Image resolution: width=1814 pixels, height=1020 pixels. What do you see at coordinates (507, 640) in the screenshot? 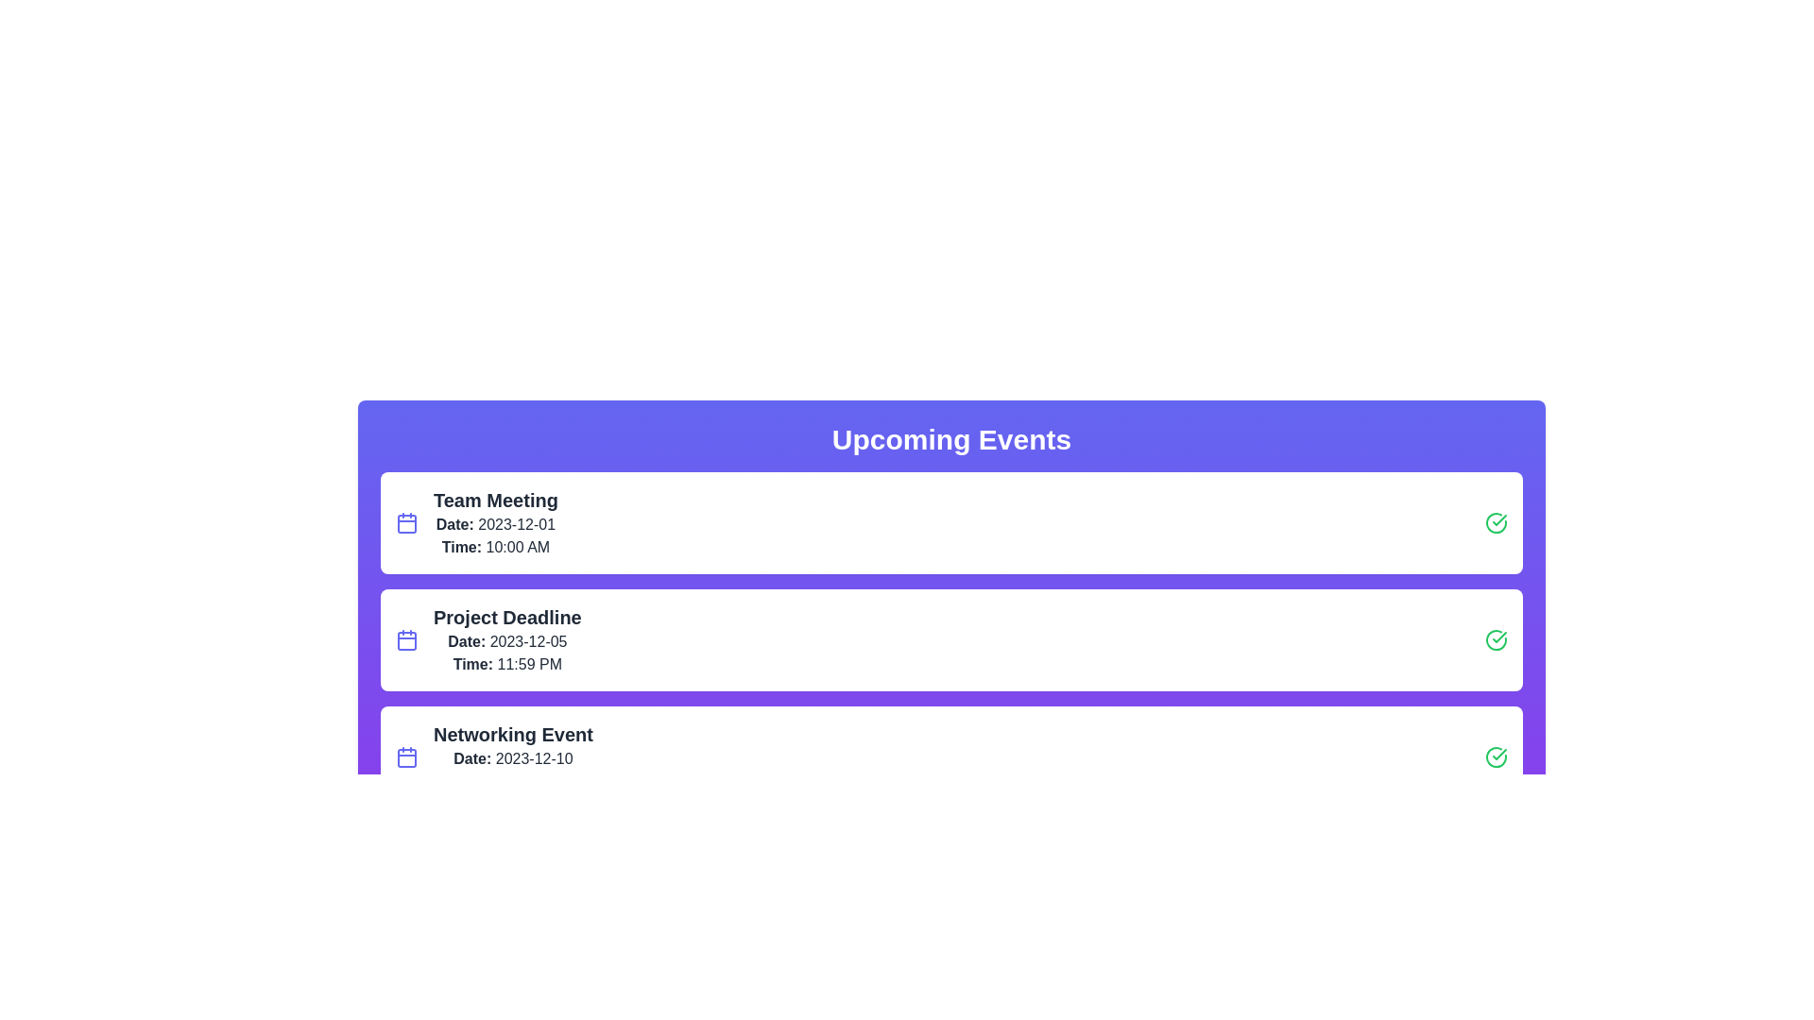
I see `the 'Project Deadline' date text label, which is located in the second event card and aligned with the 'Time' label` at bounding box center [507, 640].